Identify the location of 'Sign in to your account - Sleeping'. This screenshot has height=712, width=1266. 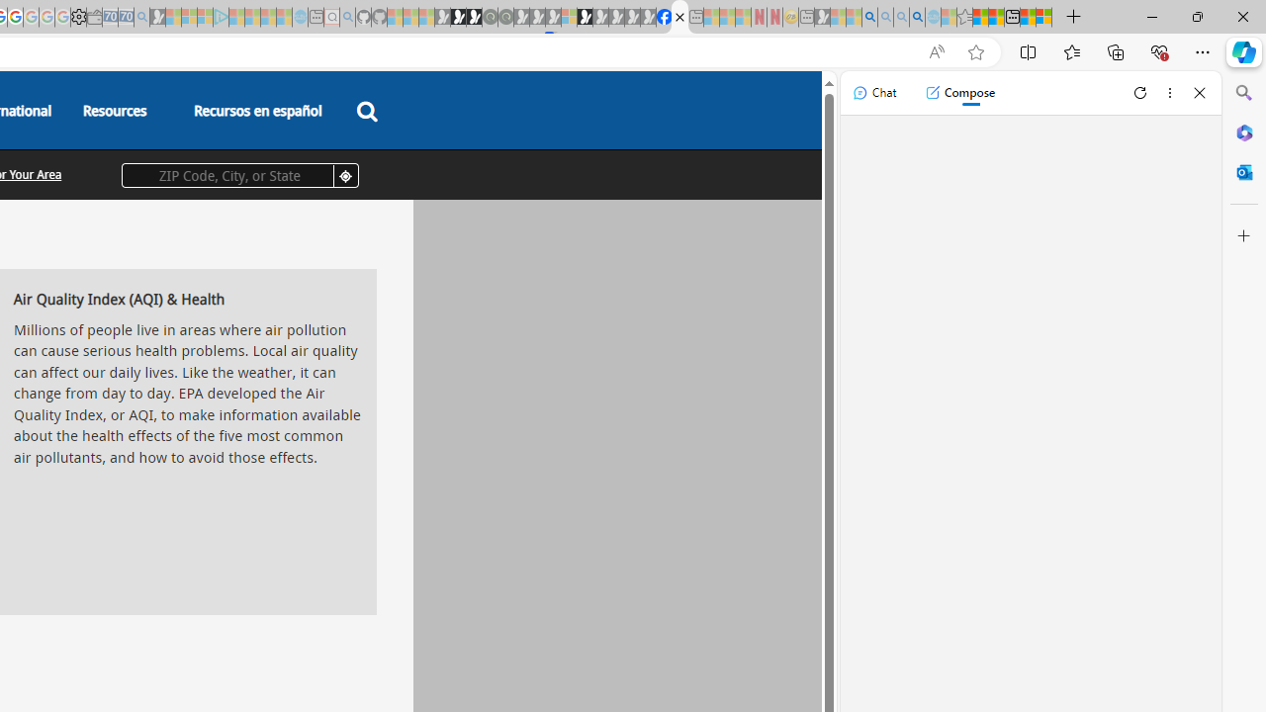
(568, 17).